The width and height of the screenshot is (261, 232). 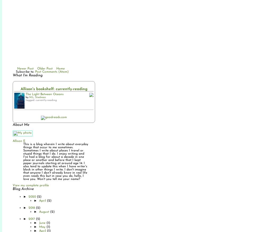 I want to click on 'What I'm Reading', so click(x=27, y=75).